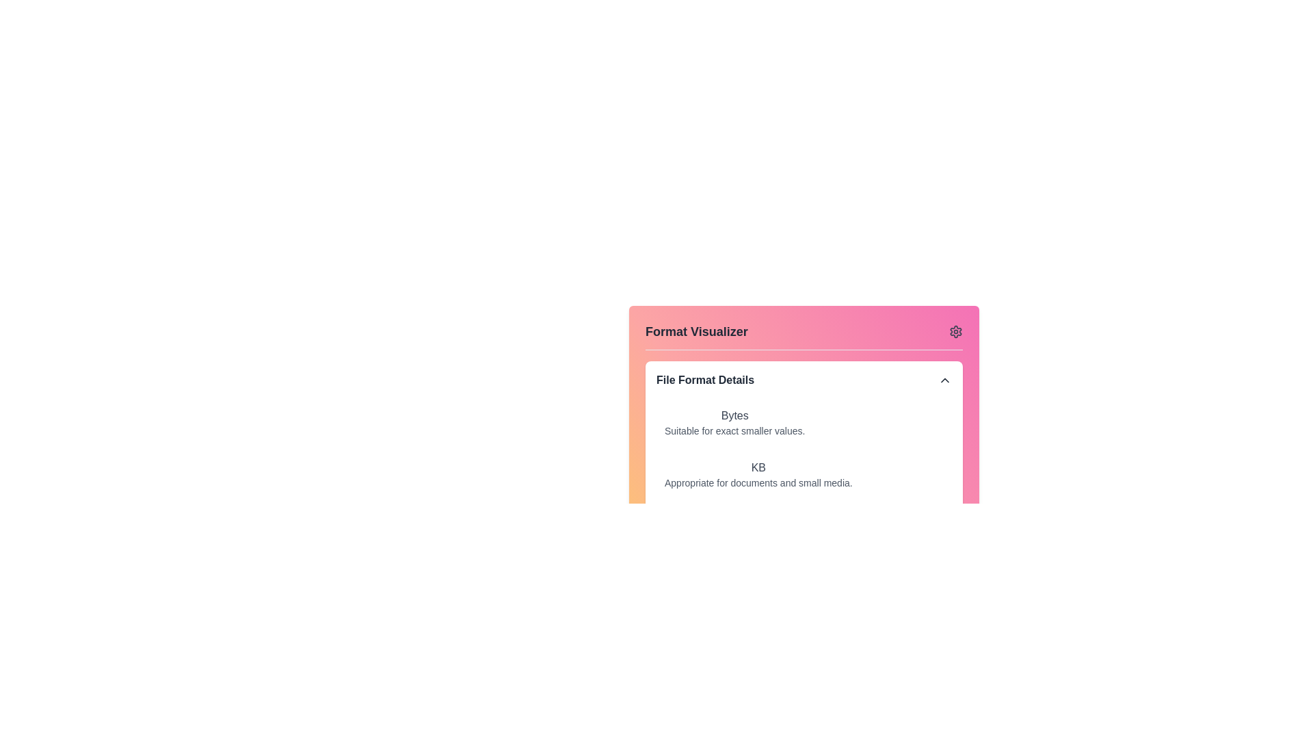  What do you see at coordinates (955, 332) in the screenshot?
I see `the gear icon located in the top-right corner of the SVG component` at bounding box center [955, 332].